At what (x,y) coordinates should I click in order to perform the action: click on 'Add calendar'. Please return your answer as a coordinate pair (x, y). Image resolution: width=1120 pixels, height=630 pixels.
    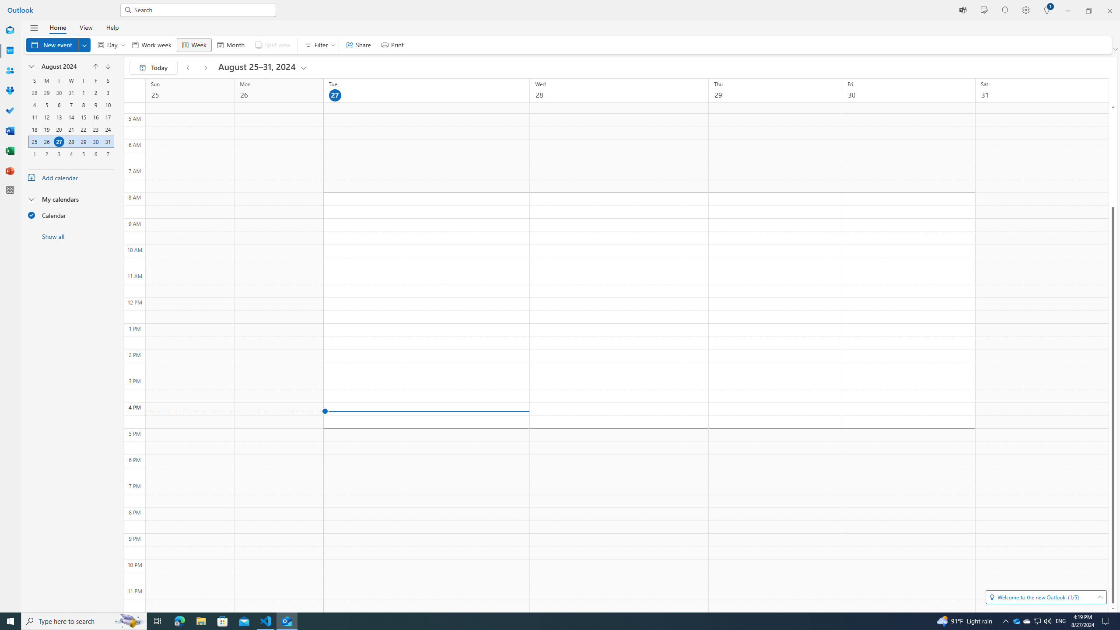
    Looking at the image, I should click on (71, 177).